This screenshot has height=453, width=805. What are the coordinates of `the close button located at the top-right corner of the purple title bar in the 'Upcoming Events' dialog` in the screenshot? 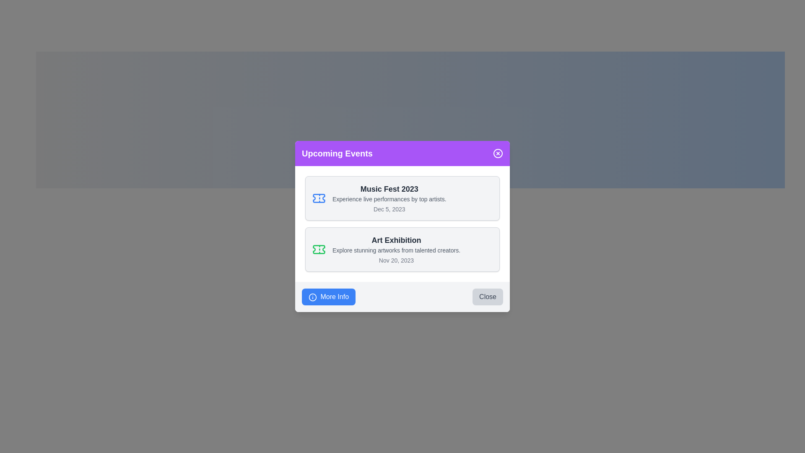 It's located at (498, 154).